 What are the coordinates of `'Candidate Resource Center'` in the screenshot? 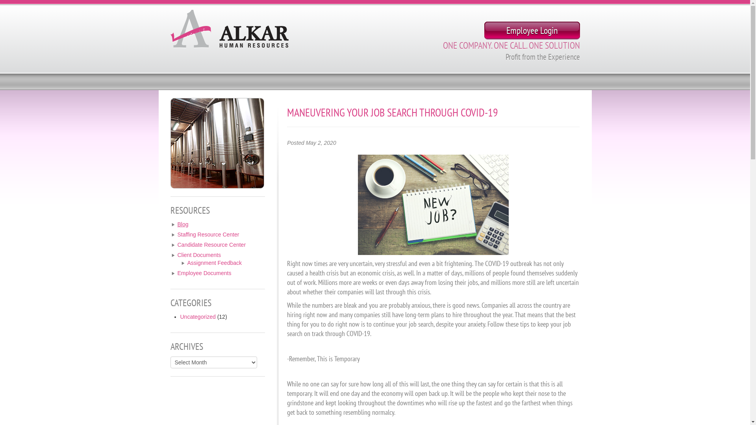 It's located at (211, 244).